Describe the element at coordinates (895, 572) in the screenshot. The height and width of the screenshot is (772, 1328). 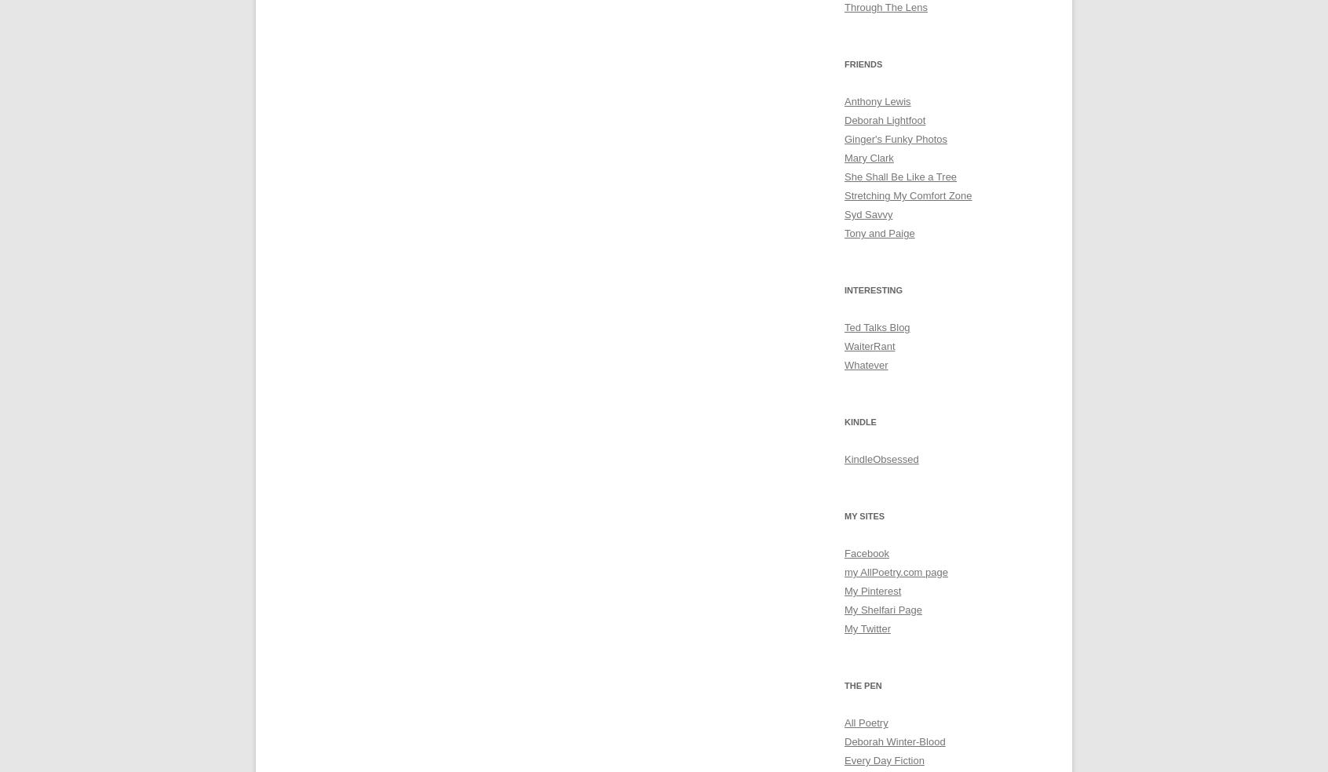
I see `'my AllPoetry.com page'` at that location.